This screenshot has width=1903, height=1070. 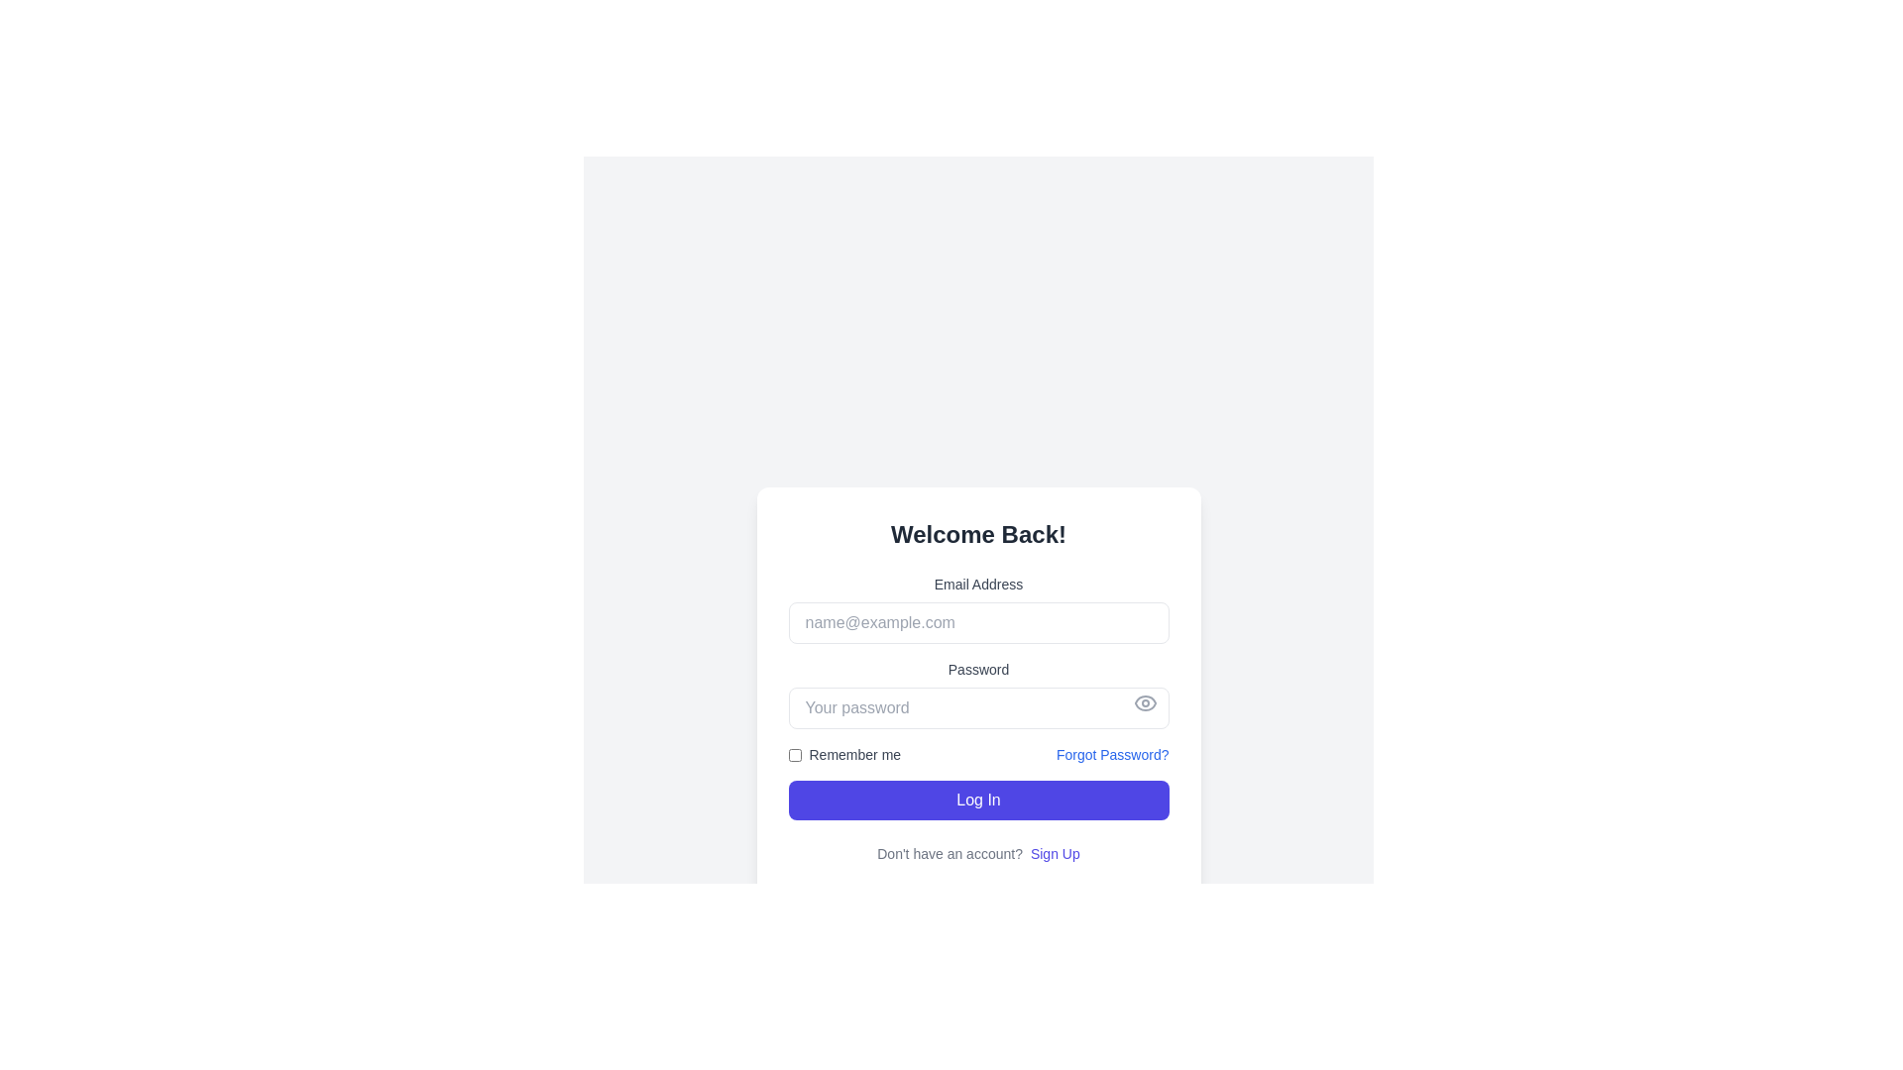 What do you see at coordinates (978, 584) in the screenshot?
I see `the 'Email Address' label, which is styled in gray (#707070) and positioned above the email input field` at bounding box center [978, 584].